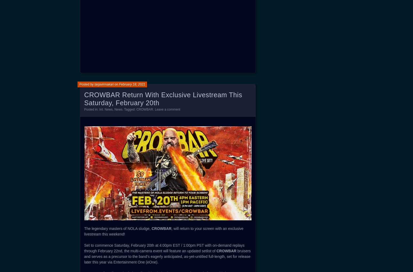  Describe the element at coordinates (132, 84) in the screenshot. I see `'February 18, 2021'` at that location.